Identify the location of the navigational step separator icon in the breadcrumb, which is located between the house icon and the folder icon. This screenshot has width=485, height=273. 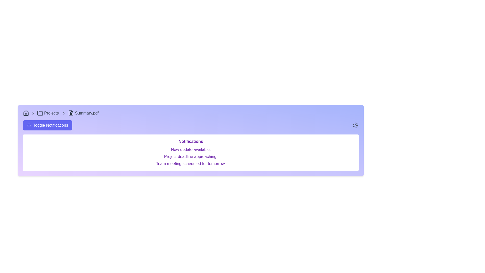
(33, 113).